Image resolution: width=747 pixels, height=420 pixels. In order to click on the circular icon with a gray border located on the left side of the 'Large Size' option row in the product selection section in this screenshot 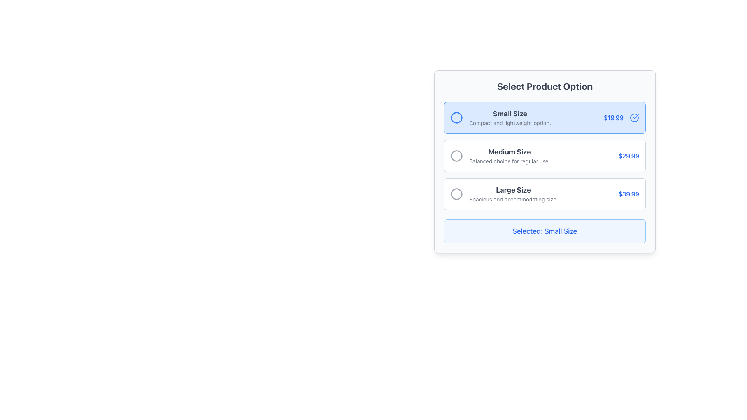, I will do `click(457, 193)`.